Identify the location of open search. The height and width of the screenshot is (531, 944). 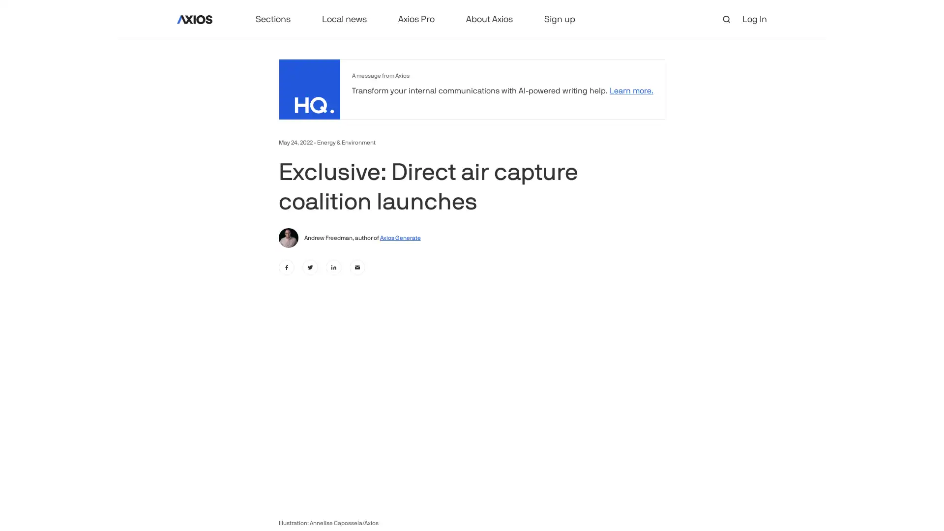
(727, 19).